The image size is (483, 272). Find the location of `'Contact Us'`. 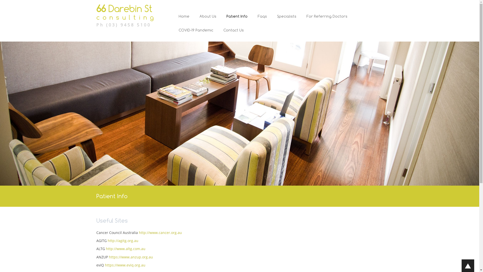

'Contact Us' is located at coordinates (231, 34).